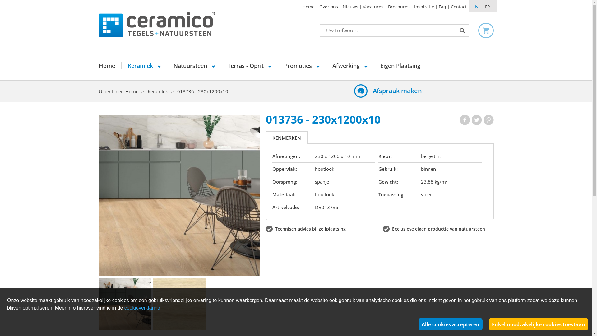 The width and height of the screenshot is (597, 336). I want to click on 'KENMERKEN', so click(286, 138).